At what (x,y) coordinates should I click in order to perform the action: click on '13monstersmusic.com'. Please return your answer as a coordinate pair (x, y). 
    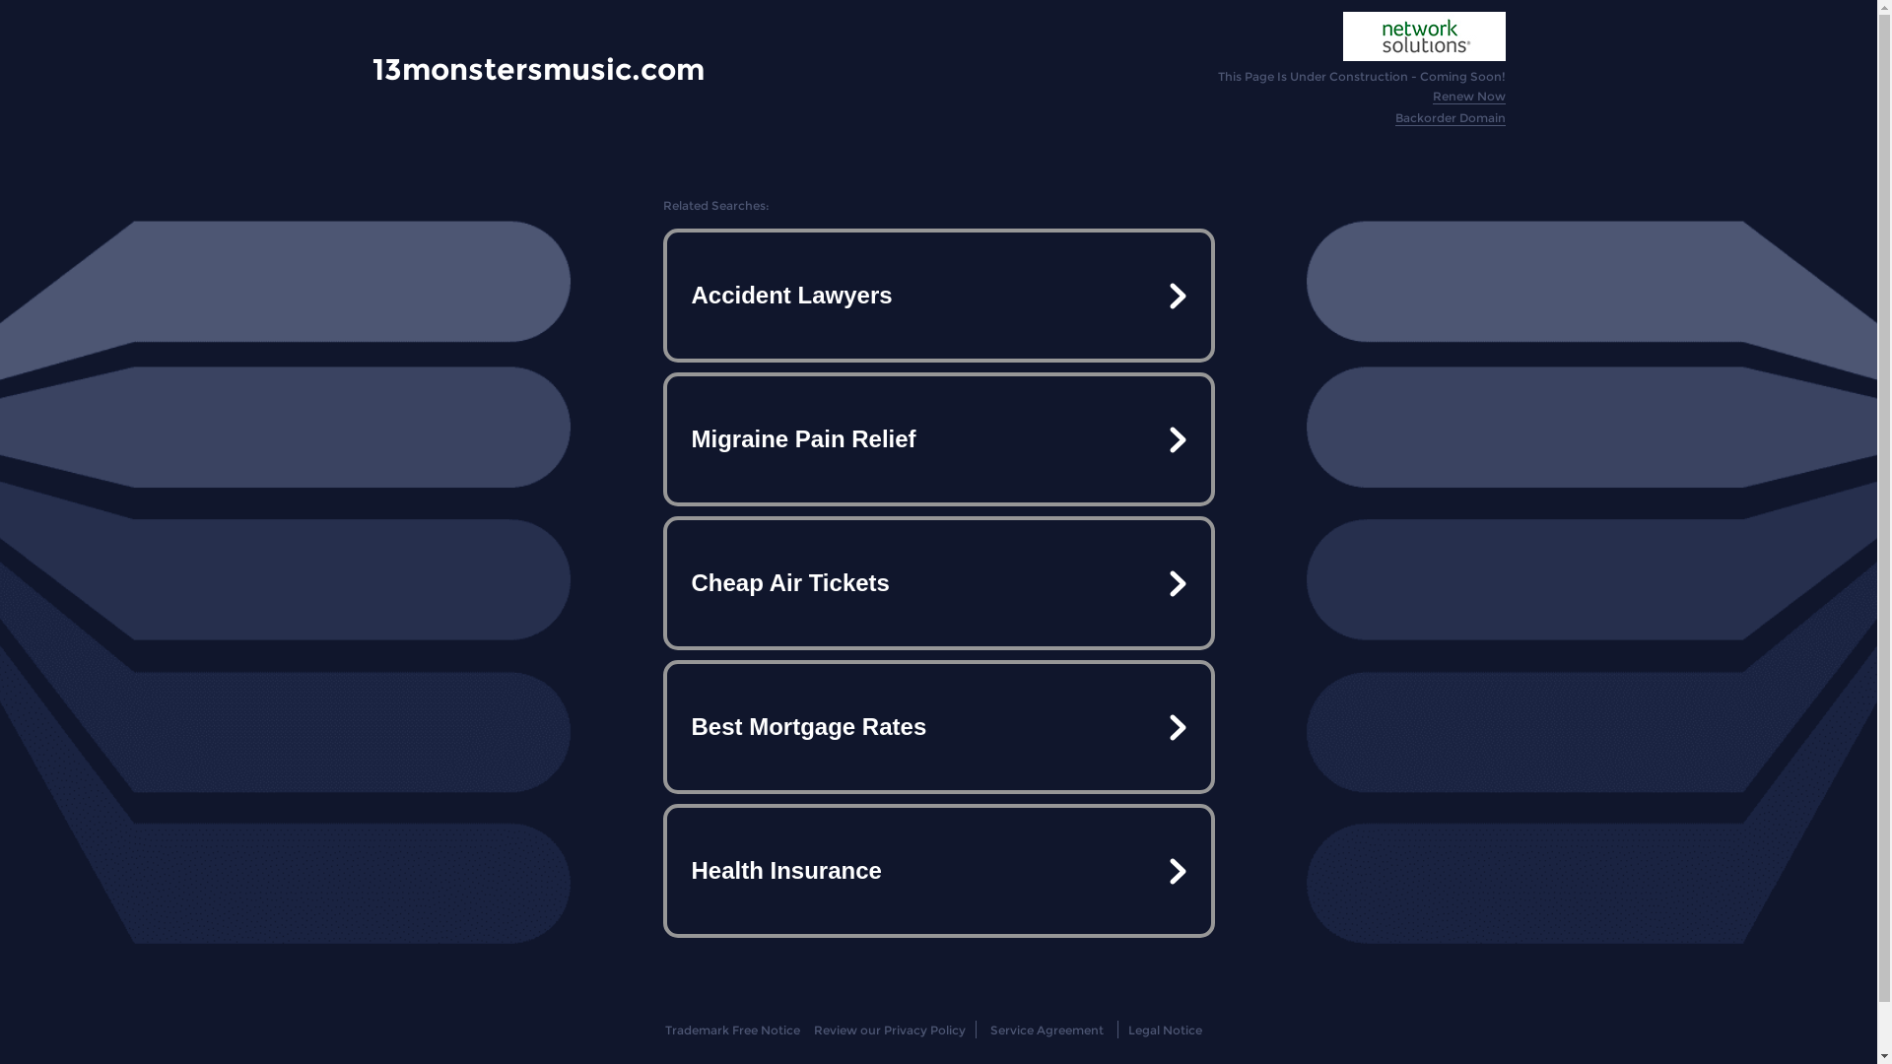
    Looking at the image, I should click on (538, 68).